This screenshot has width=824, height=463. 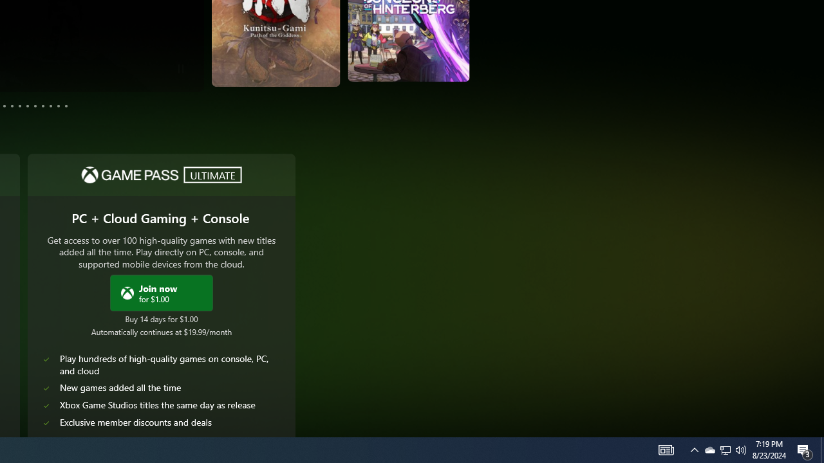 What do you see at coordinates (50, 105) in the screenshot?
I see `'Page 10'` at bounding box center [50, 105].